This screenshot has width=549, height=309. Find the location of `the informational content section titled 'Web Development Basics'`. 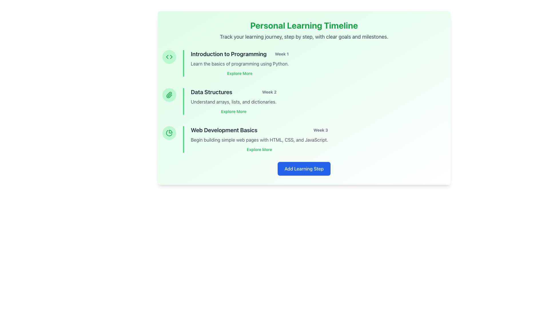

the informational content section titled 'Web Development Basics' is located at coordinates (255, 139).